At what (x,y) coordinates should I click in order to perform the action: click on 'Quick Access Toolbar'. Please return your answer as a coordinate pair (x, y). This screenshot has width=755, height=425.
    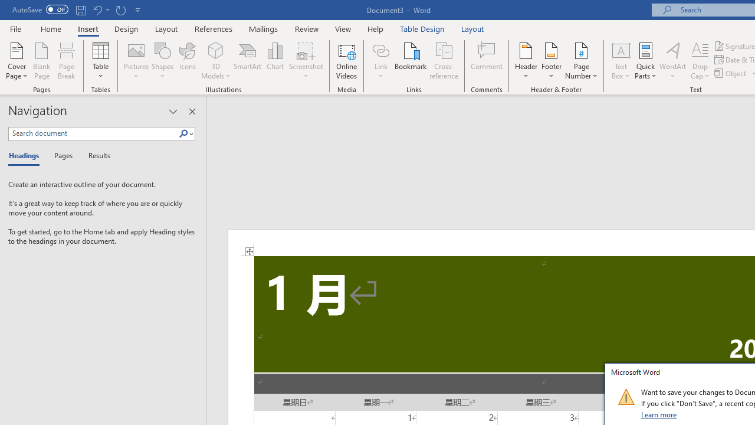
    Looking at the image, I should click on (77, 9).